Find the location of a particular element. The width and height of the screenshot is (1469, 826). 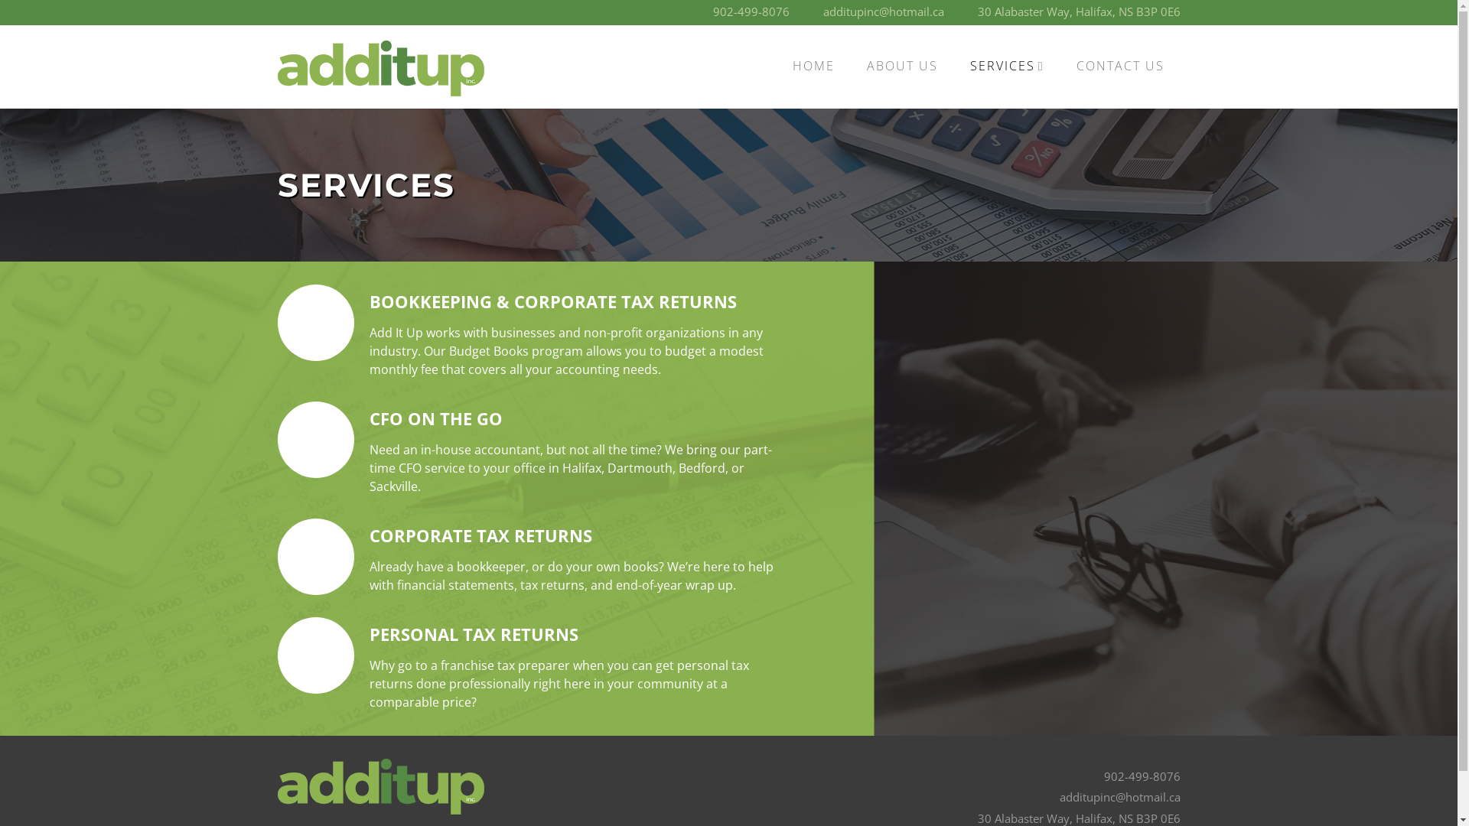

'additupinc@hotmail.ca' is located at coordinates (884, 11).